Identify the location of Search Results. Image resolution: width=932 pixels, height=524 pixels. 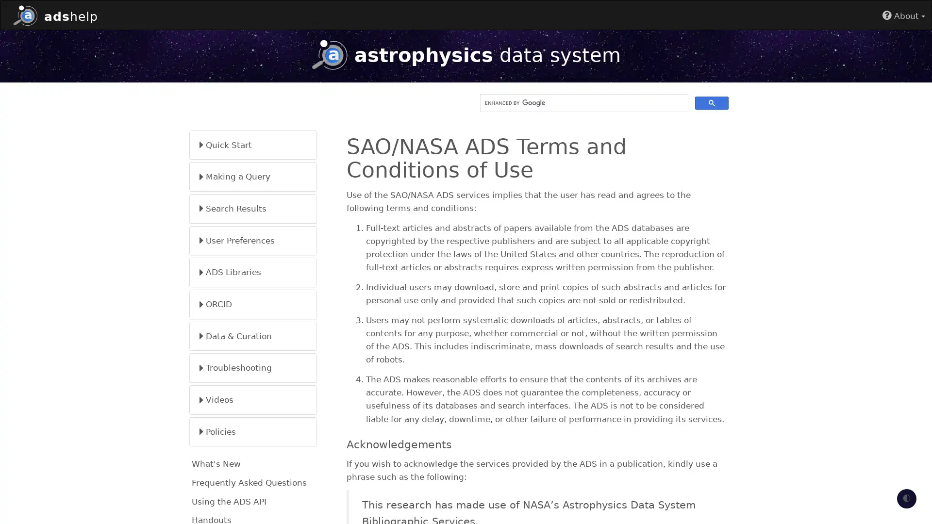
(253, 208).